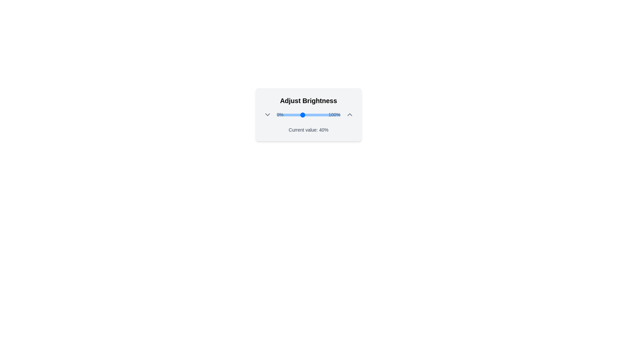 This screenshot has height=358, width=636. Describe the element at coordinates (280, 114) in the screenshot. I see `the Static Text displaying '0%' located above 'Current value: 40%' and below 'Adjust Brightness' in the slider bar grouping` at that location.